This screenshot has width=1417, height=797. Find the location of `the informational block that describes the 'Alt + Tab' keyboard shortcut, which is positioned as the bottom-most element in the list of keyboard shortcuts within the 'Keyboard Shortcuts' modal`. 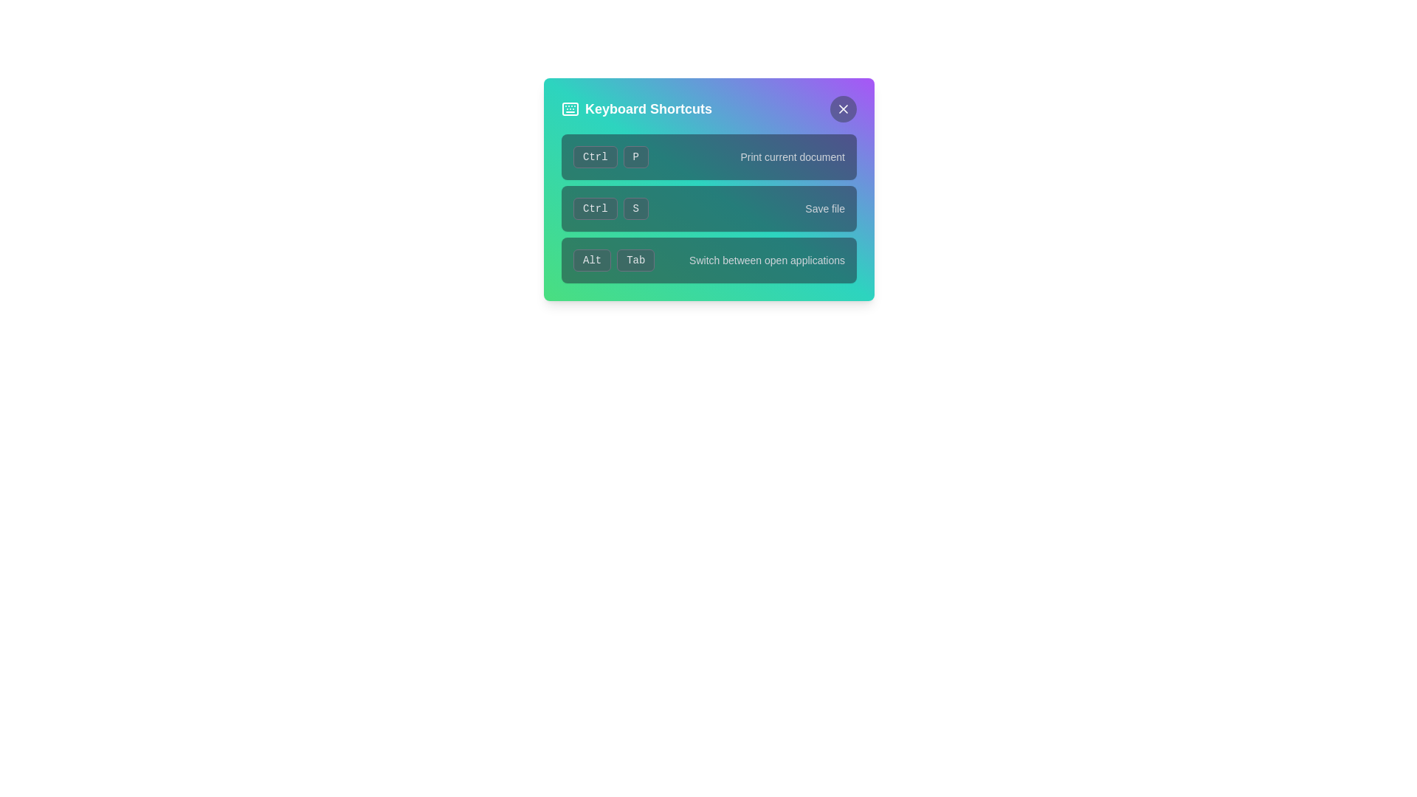

the informational block that describes the 'Alt + Tab' keyboard shortcut, which is positioned as the bottom-most element in the list of keyboard shortcuts within the 'Keyboard Shortcuts' modal is located at coordinates (708, 260).